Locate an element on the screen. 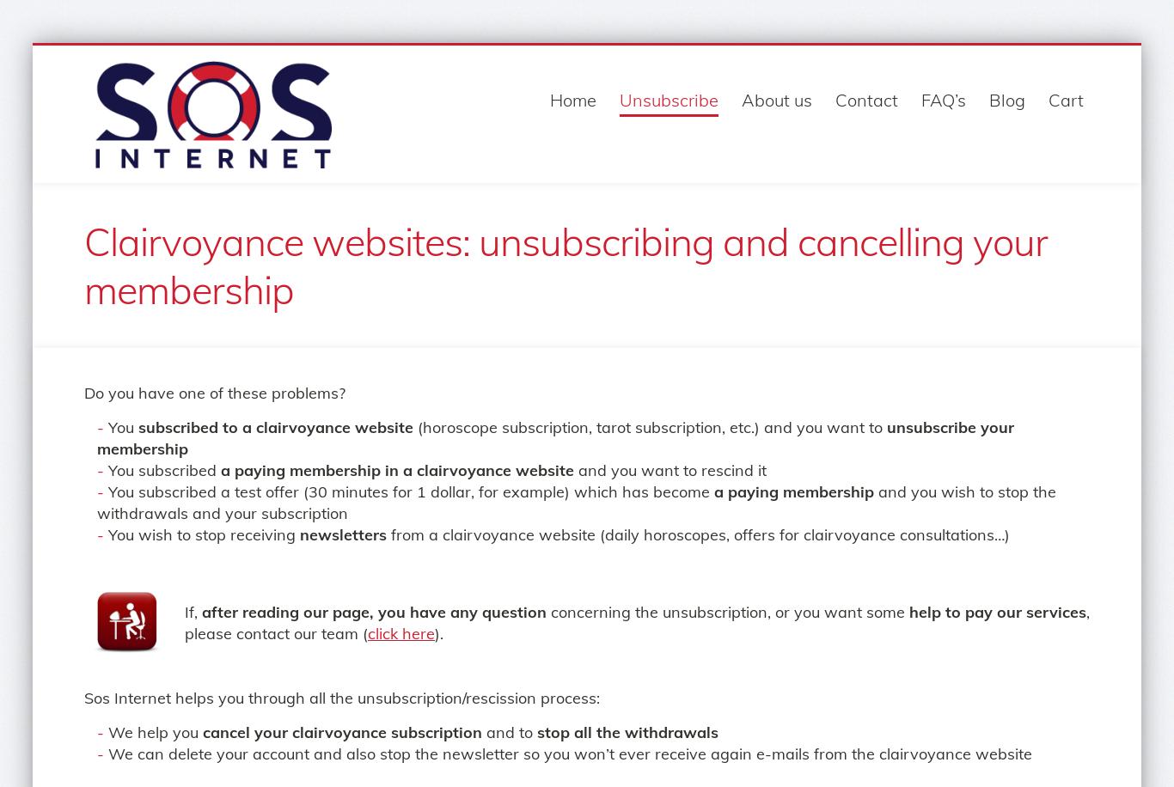 The height and width of the screenshot is (787, 1174). 'If,' is located at coordinates (192, 612).